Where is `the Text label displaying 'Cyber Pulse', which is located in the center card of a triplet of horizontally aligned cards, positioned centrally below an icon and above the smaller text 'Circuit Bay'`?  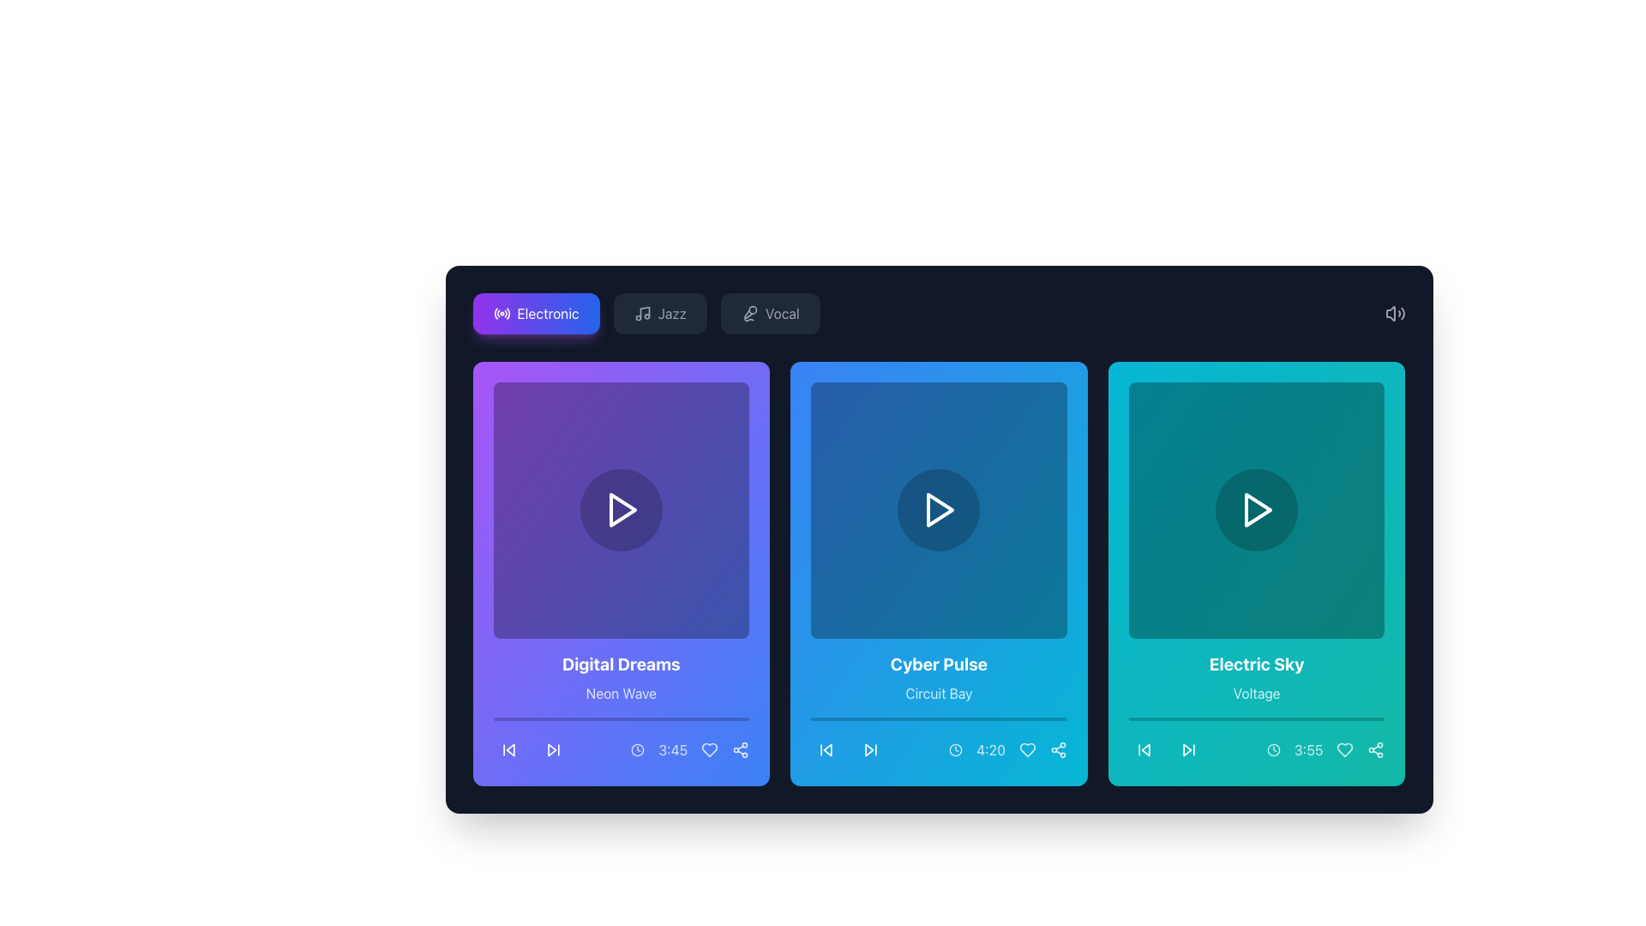
the Text label displaying 'Cyber Pulse', which is located in the center card of a triplet of horizontally aligned cards, positioned centrally below an icon and above the smaller text 'Circuit Bay' is located at coordinates (938, 663).